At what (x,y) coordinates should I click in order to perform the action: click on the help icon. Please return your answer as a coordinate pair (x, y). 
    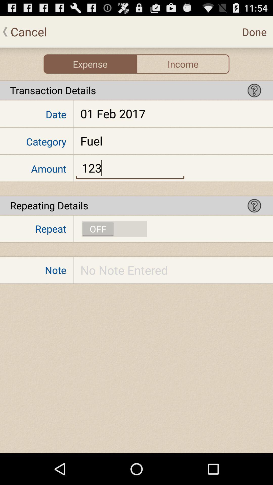
    Looking at the image, I should click on (254, 220).